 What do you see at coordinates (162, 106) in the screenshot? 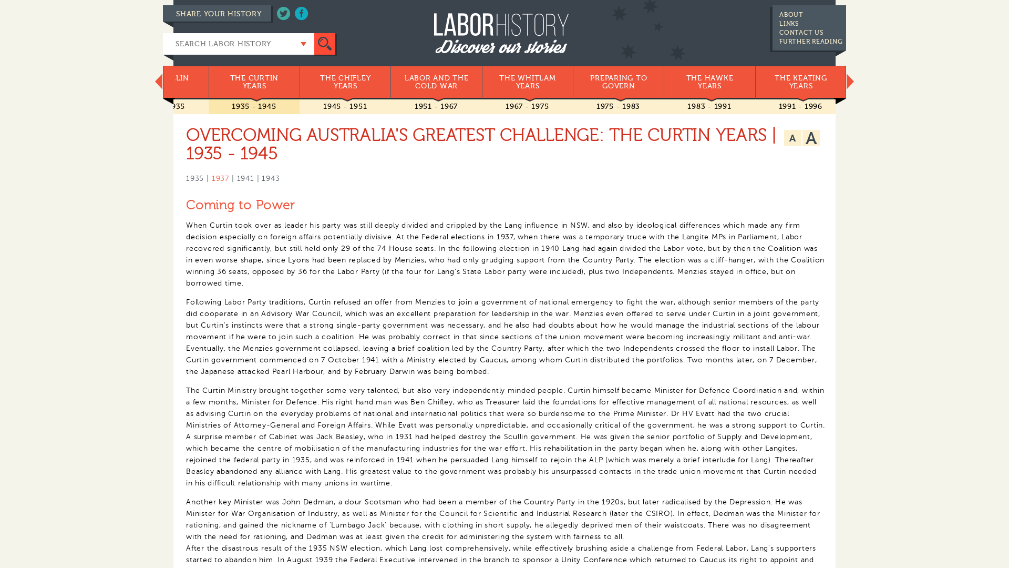
I see `'1929 - 1935'` at bounding box center [162, 106].